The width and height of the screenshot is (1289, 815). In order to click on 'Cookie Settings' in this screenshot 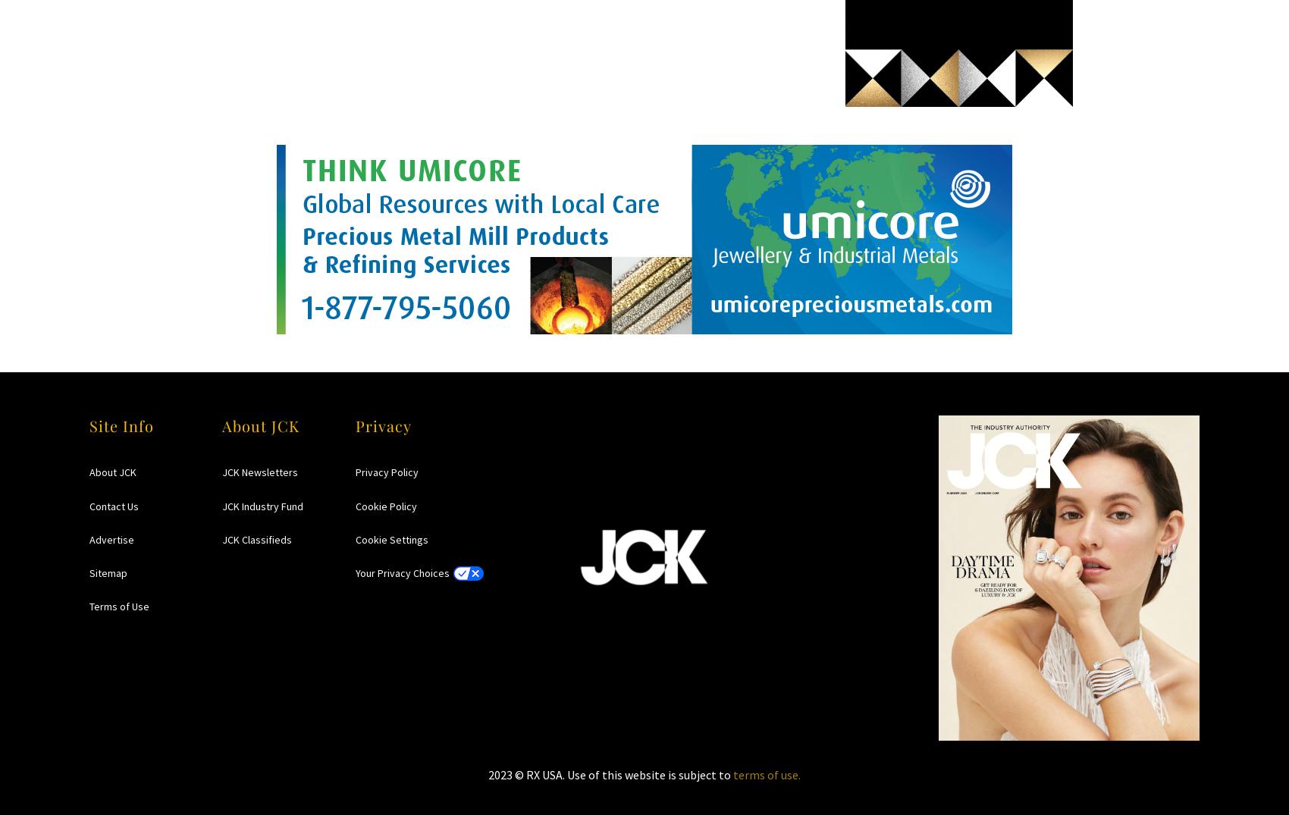, I will do `click(390, 538)`.